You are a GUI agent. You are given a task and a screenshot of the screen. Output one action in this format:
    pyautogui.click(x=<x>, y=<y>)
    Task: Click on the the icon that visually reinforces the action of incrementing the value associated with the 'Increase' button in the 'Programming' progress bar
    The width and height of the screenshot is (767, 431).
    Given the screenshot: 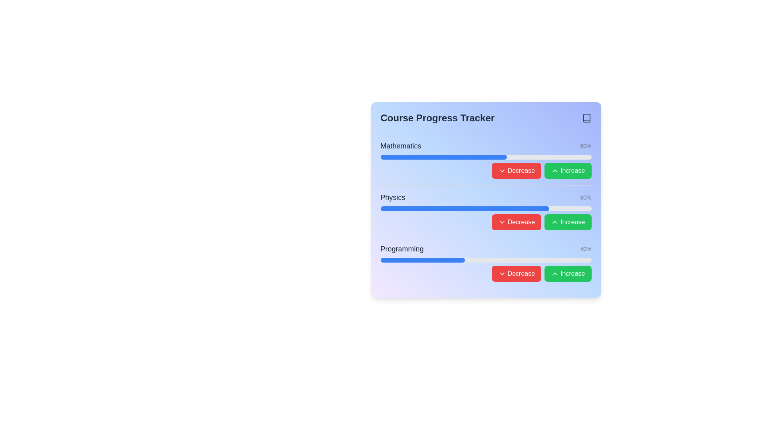 What is the action you would take?
    pyautogui.click(x=554, y=273)
    